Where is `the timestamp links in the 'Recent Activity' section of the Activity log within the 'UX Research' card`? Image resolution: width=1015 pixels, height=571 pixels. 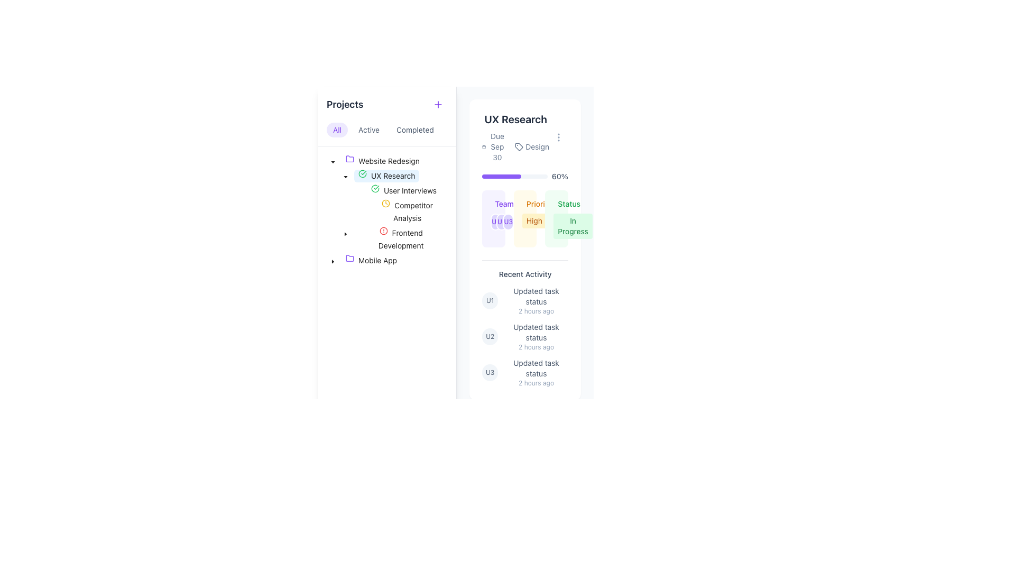
the timestamp links in the 'Recent Activity' section of the Activity log within the 'UX Research' card is located at coordinates (525, 323).